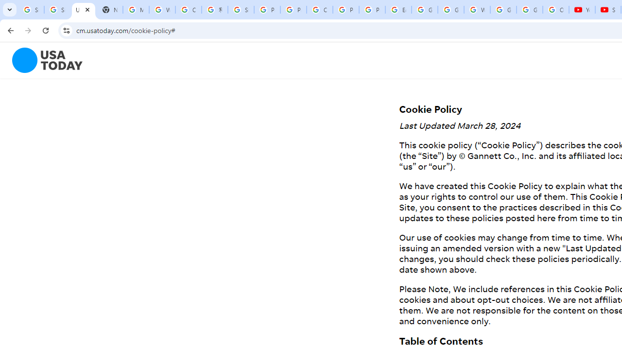 This screenshot has width=622, height=350. What do you see at coordinates (398, 10) in the screenshot?
I see `'Edit and view right-to-left text - Google Docs Editors Help'` at bounding box center [398, 10].